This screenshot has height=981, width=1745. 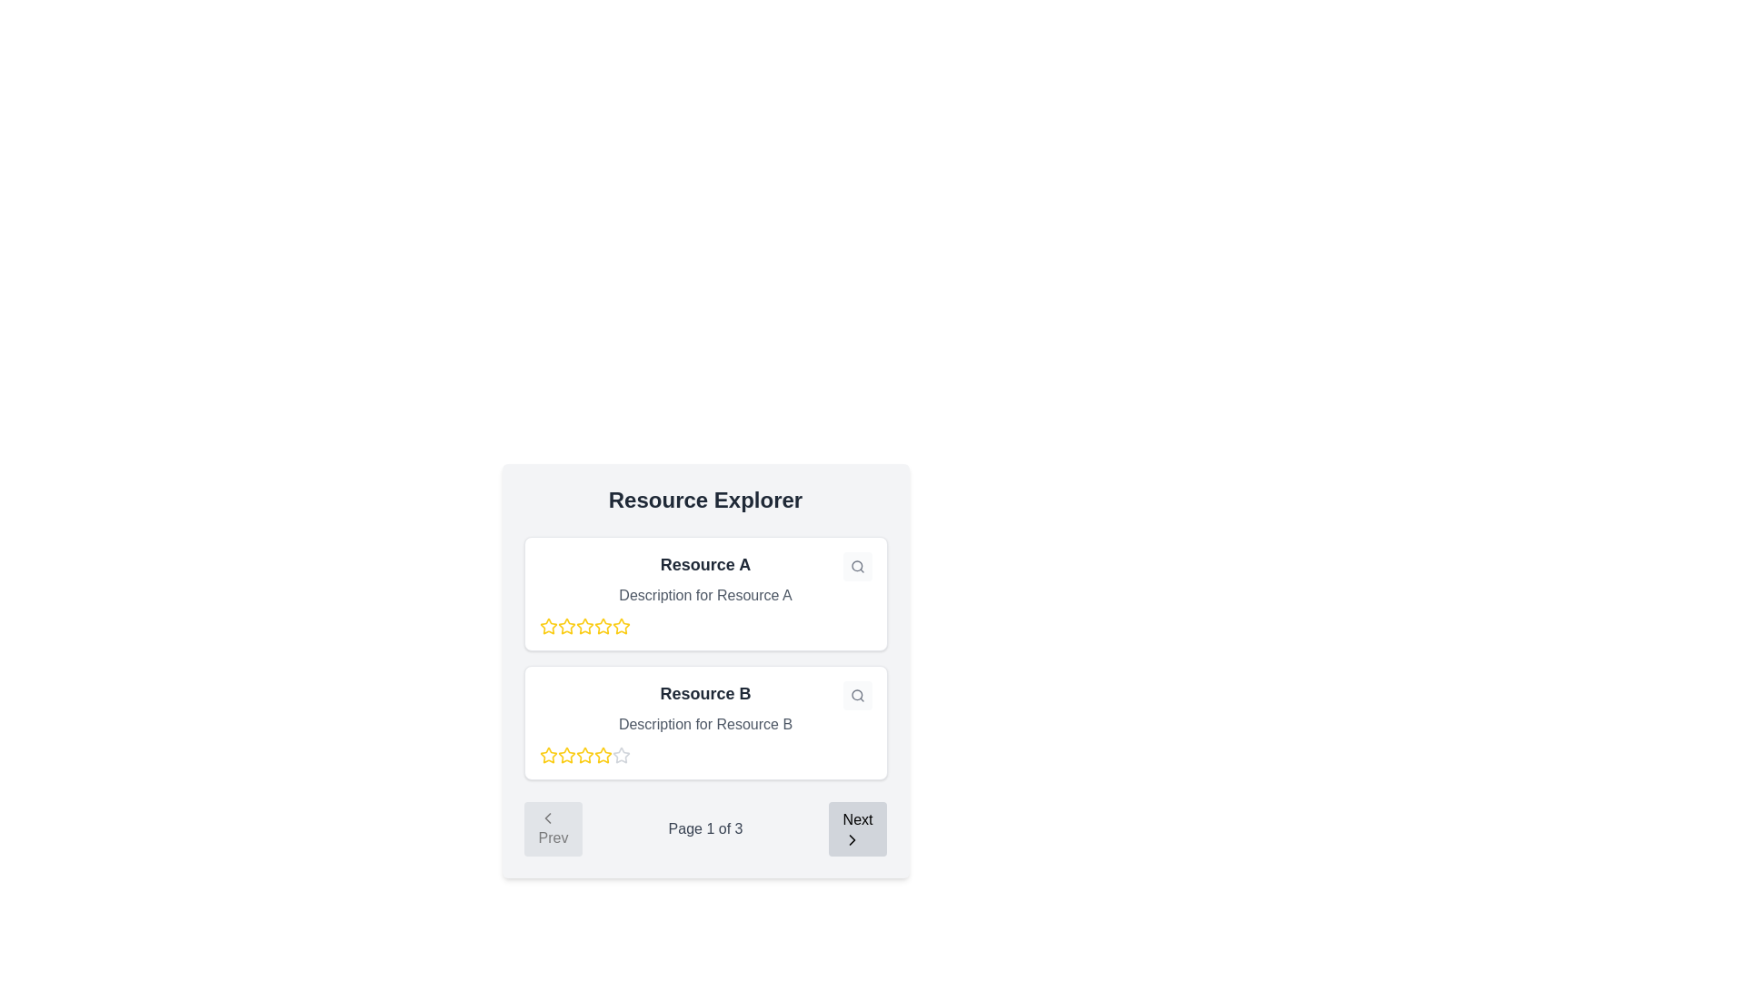 I want to click on the first yellow star icon for rating, which is part of a horizontal row of rating stars below the title 'Resource A', so click(x=547, y=626).